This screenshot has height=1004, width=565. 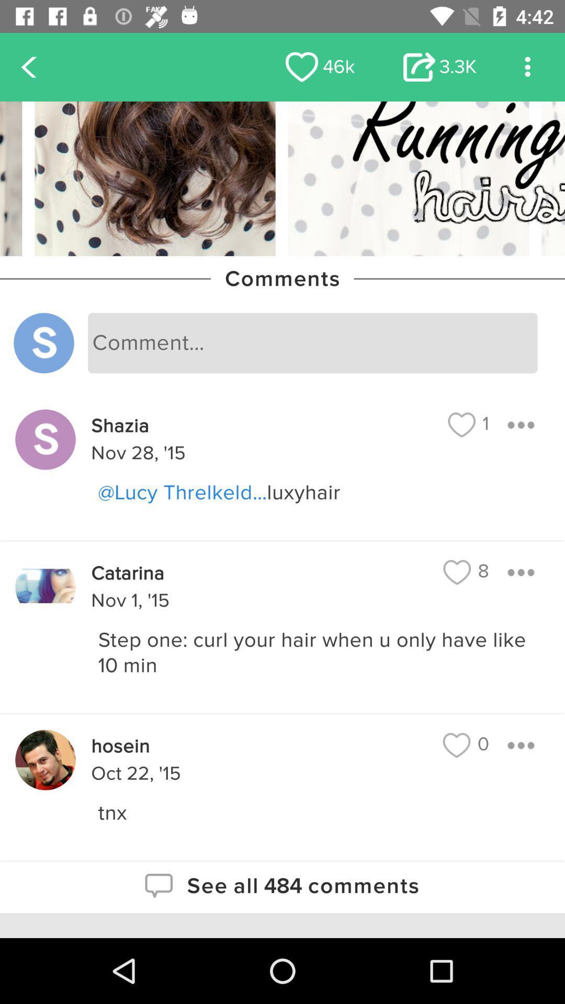 What do you see at coordinates (440, 66) in the screenshot?
I see `the 3.3k` at bounding box center [440, 66].